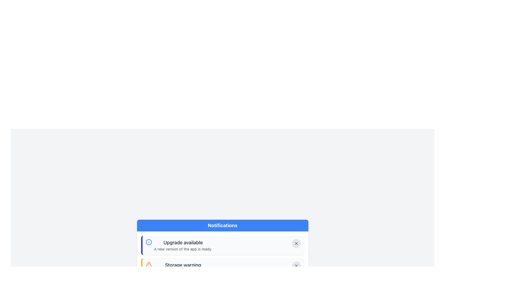  What do you see at coordinates (179, 245) in the screenshot?
I see `informational text block about the available upgrade for the app located in the uppermost notification card at the top of the list` at bounding box center [179, 245].